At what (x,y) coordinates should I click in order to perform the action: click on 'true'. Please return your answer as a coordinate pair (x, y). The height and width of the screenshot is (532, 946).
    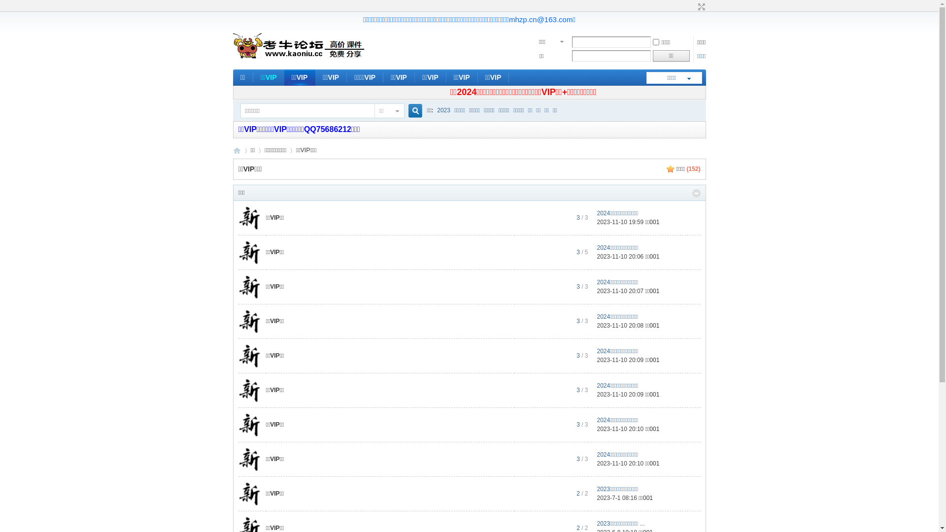
    Looking at the image, I should click on (411, 111).